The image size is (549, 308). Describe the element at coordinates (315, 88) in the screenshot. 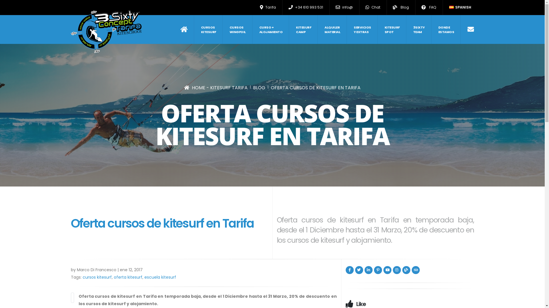

I see `'OFERTA CURSOS DE KITESURF EN TARIFA'` at that location.